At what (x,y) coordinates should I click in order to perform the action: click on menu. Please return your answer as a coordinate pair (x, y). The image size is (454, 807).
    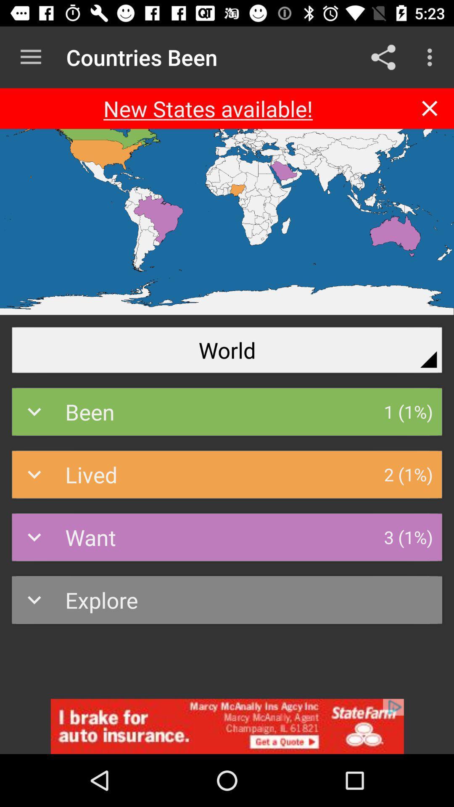
    Looking at the image, I should click on (30, 57).